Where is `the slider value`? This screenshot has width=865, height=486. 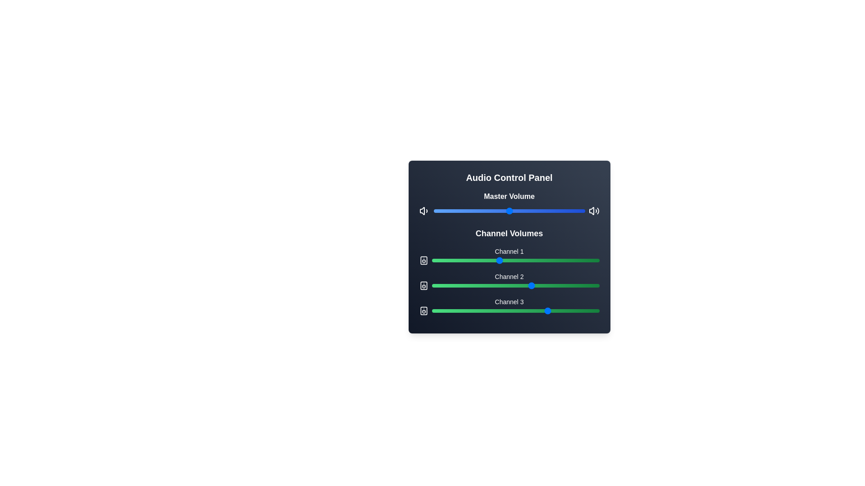
the slider value is located at coordinates (478, 260).